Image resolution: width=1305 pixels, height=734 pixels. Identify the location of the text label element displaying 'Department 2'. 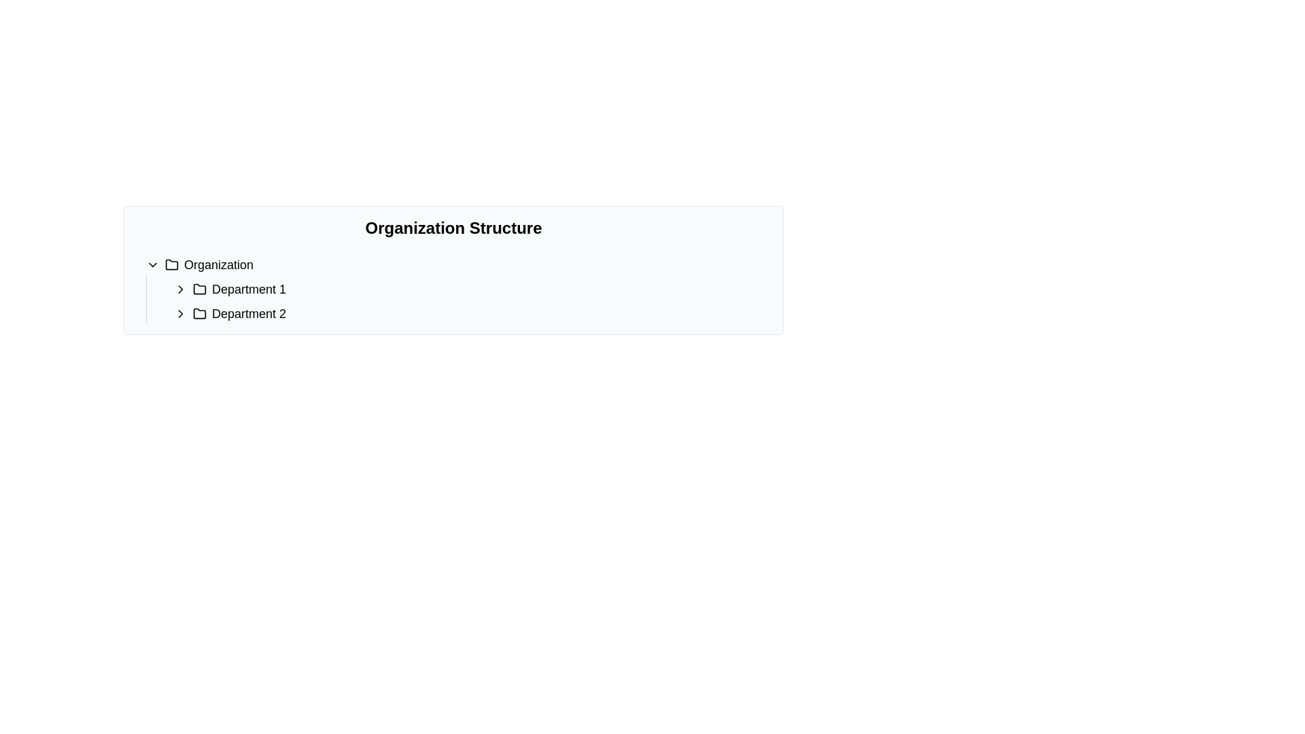
(249, 314).